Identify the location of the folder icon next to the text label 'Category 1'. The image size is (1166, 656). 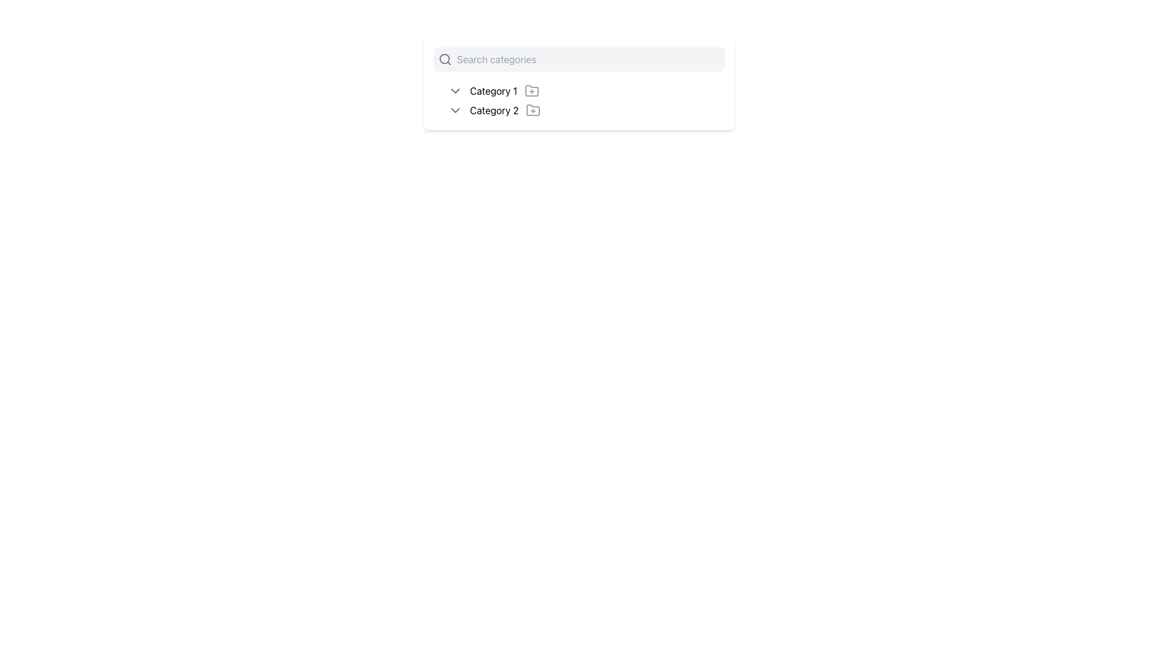
(531, 90).